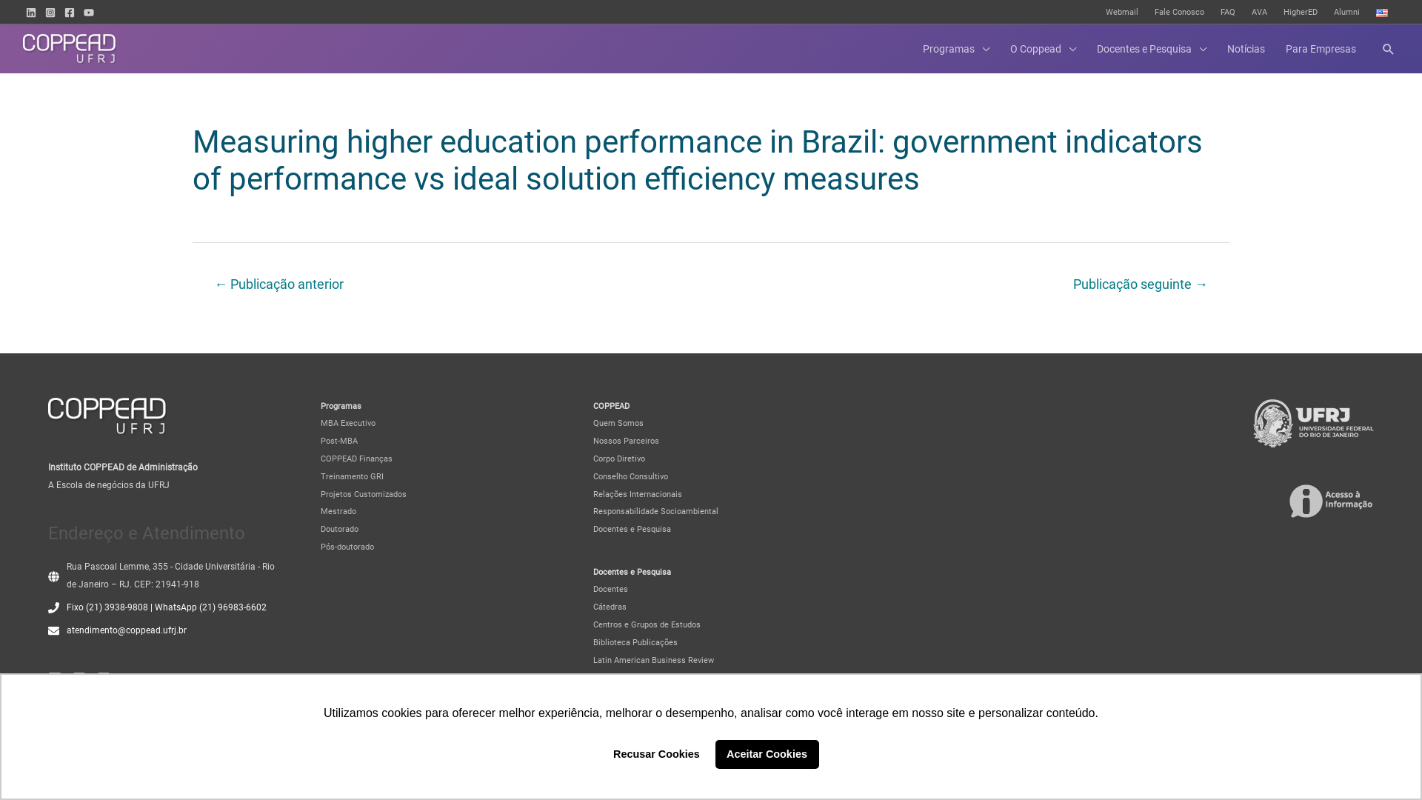 The width and height of the screenshot is (1422, 800). What do you see at coordinates (1346, 12) in the screenshot?
I see `'Alumni'` at bounding box center [1346, 12].